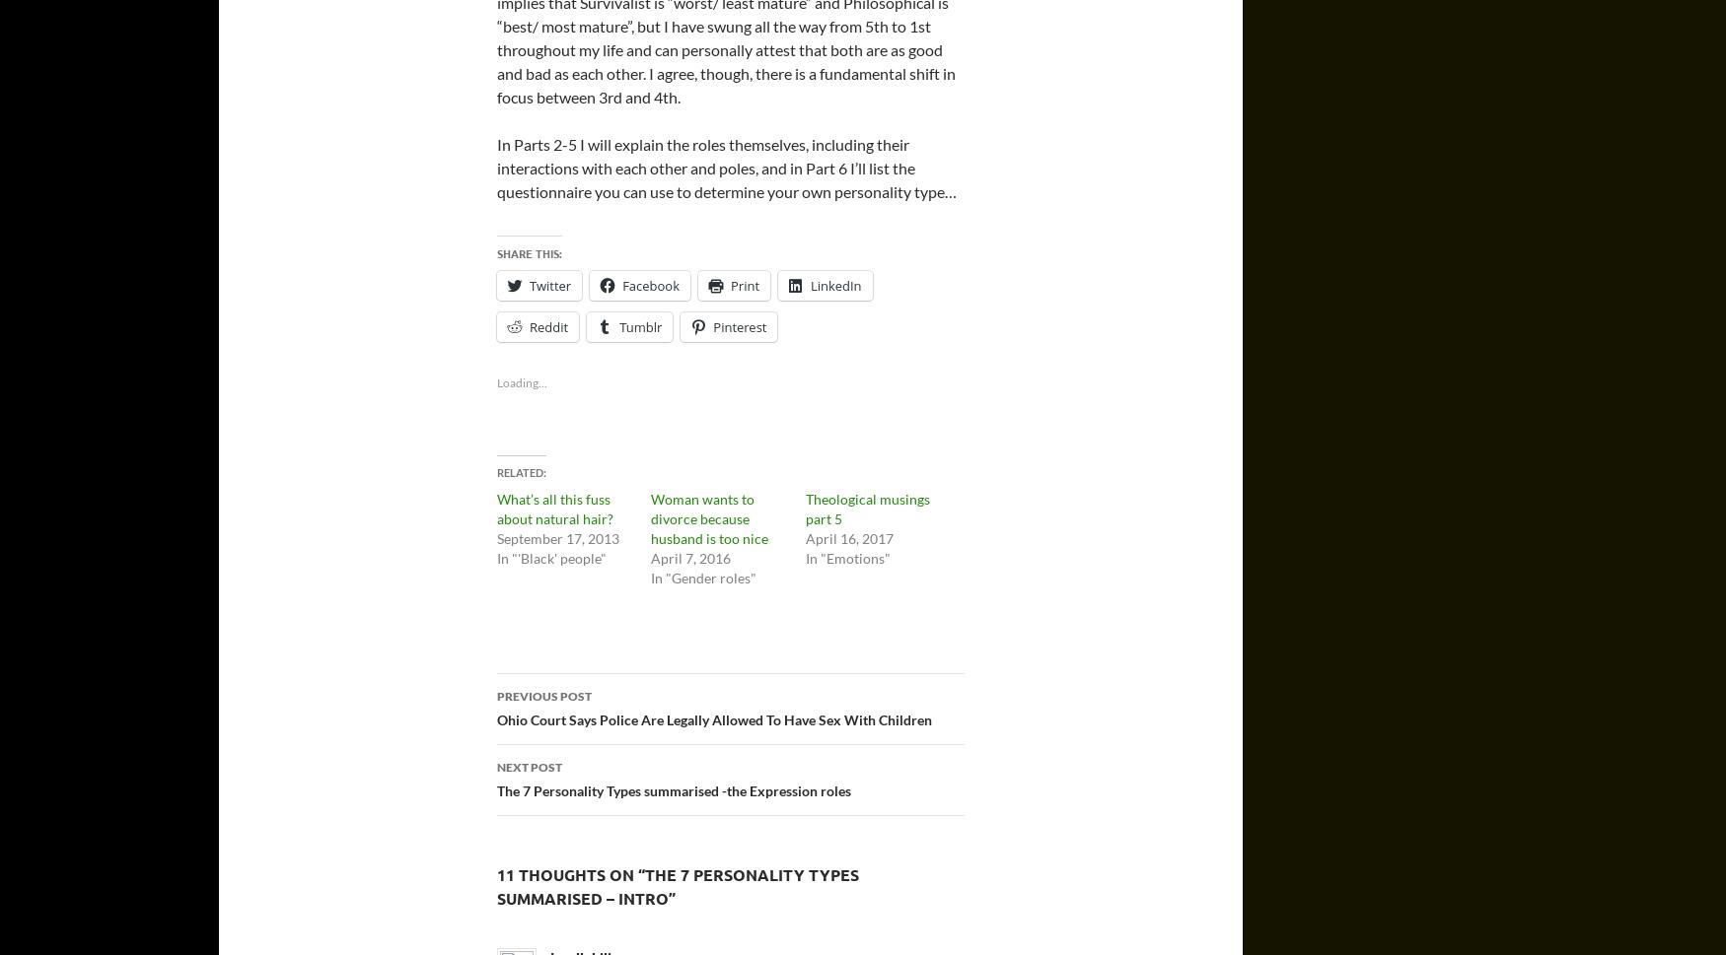  What do you see at coordinates (618, 325) in the screenshot?
I see `'Tumblr'` at bounding box center [618, 325].